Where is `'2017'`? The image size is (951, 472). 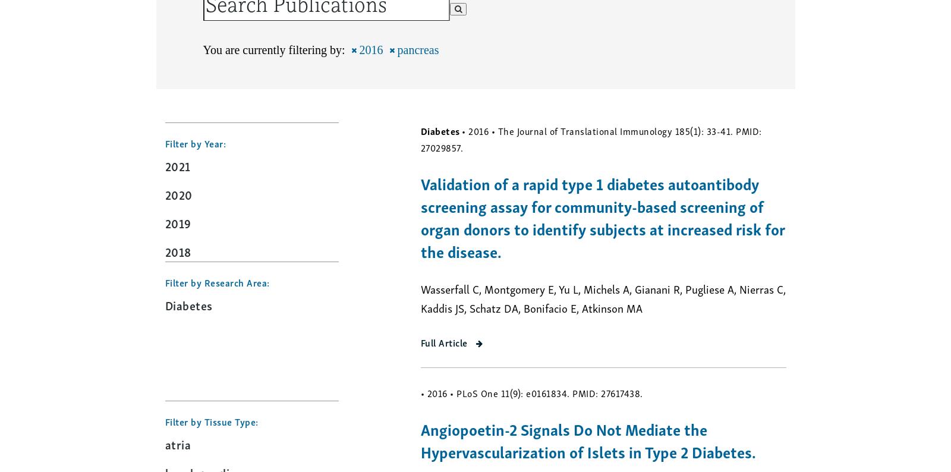
'2017' is located at coordinates (177, 279).